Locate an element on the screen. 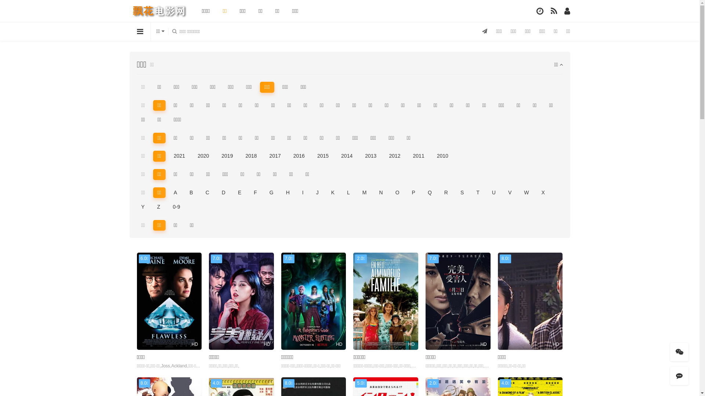 This screenshot has height=396, width=705. 'V' is located at coordinates (509, 192).